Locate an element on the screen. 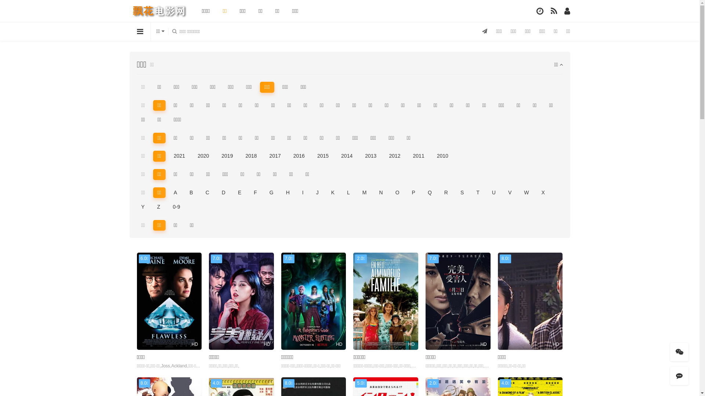 This screenshot has height=396, width=705. 'V' is located at coordinates (509, 192).